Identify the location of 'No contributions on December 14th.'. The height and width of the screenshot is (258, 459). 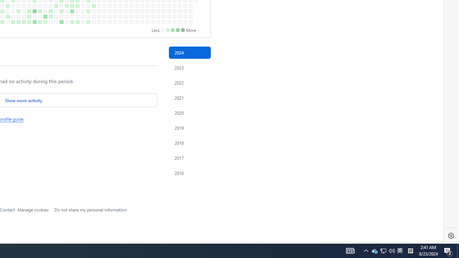
(180, 21).